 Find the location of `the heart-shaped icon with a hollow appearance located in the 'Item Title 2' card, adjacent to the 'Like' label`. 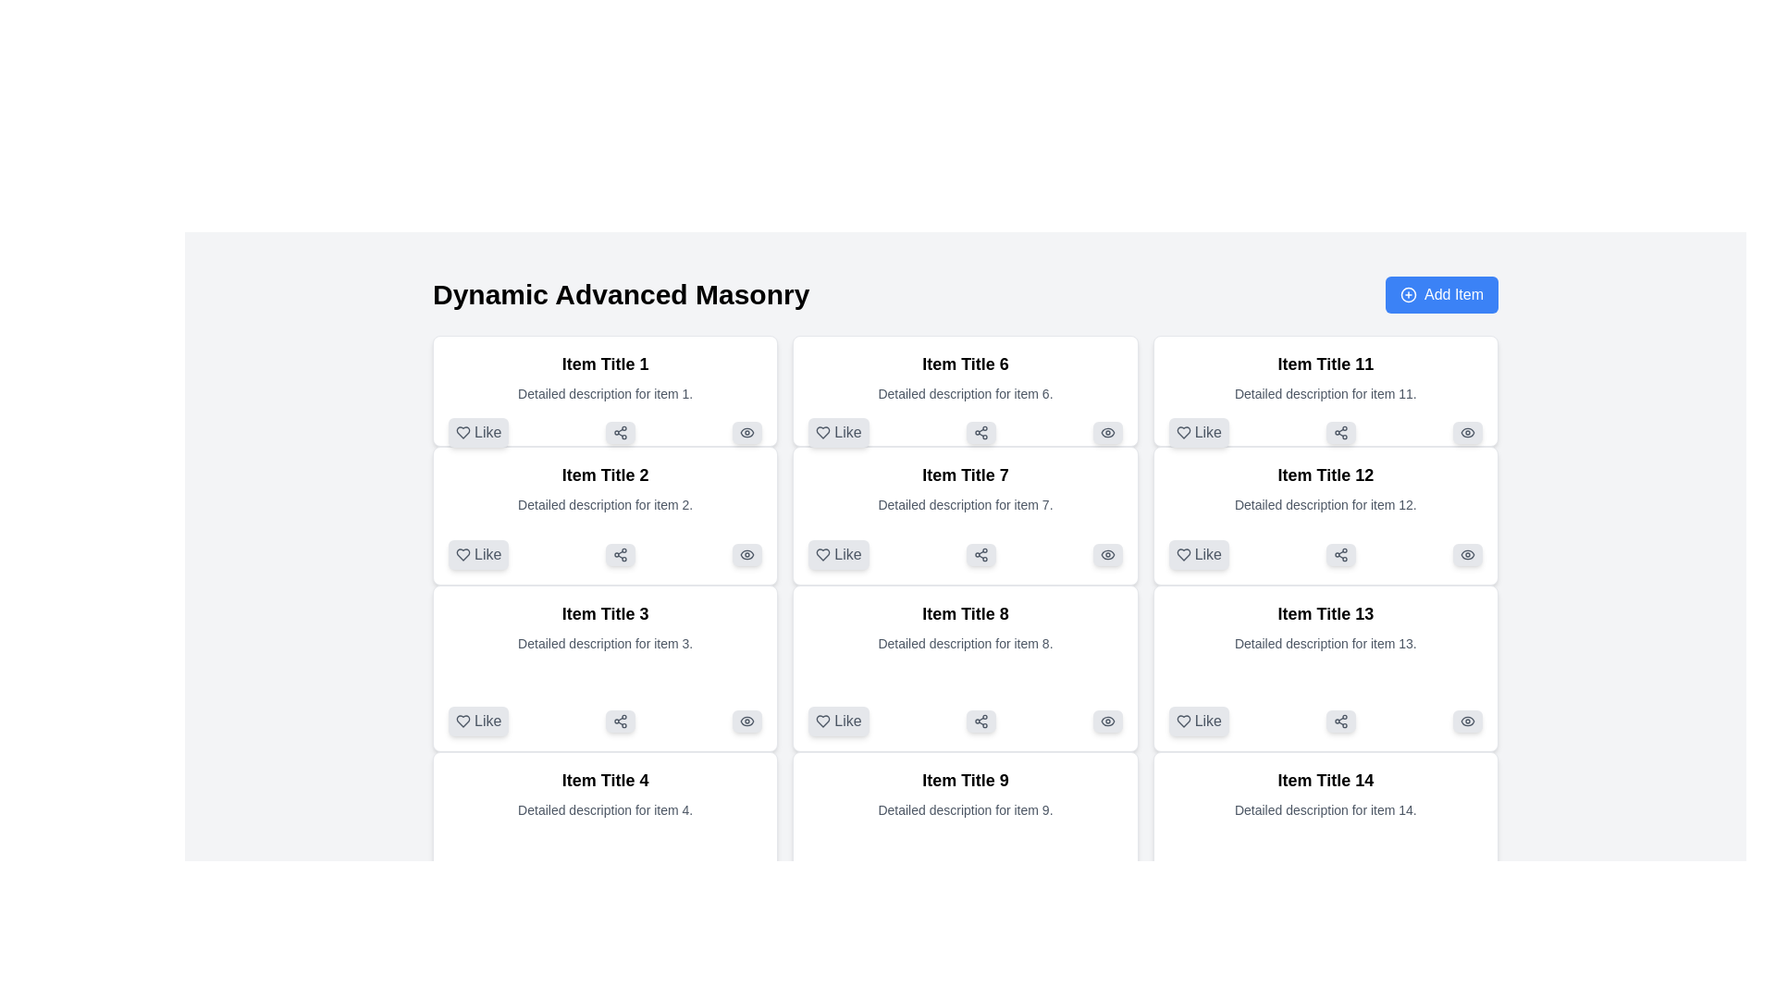

the heart-shaped icon with a hollow appearance located in the 'Item Title 2' card, adjacent to the 'Like' label is located at coordinates (462, 554).